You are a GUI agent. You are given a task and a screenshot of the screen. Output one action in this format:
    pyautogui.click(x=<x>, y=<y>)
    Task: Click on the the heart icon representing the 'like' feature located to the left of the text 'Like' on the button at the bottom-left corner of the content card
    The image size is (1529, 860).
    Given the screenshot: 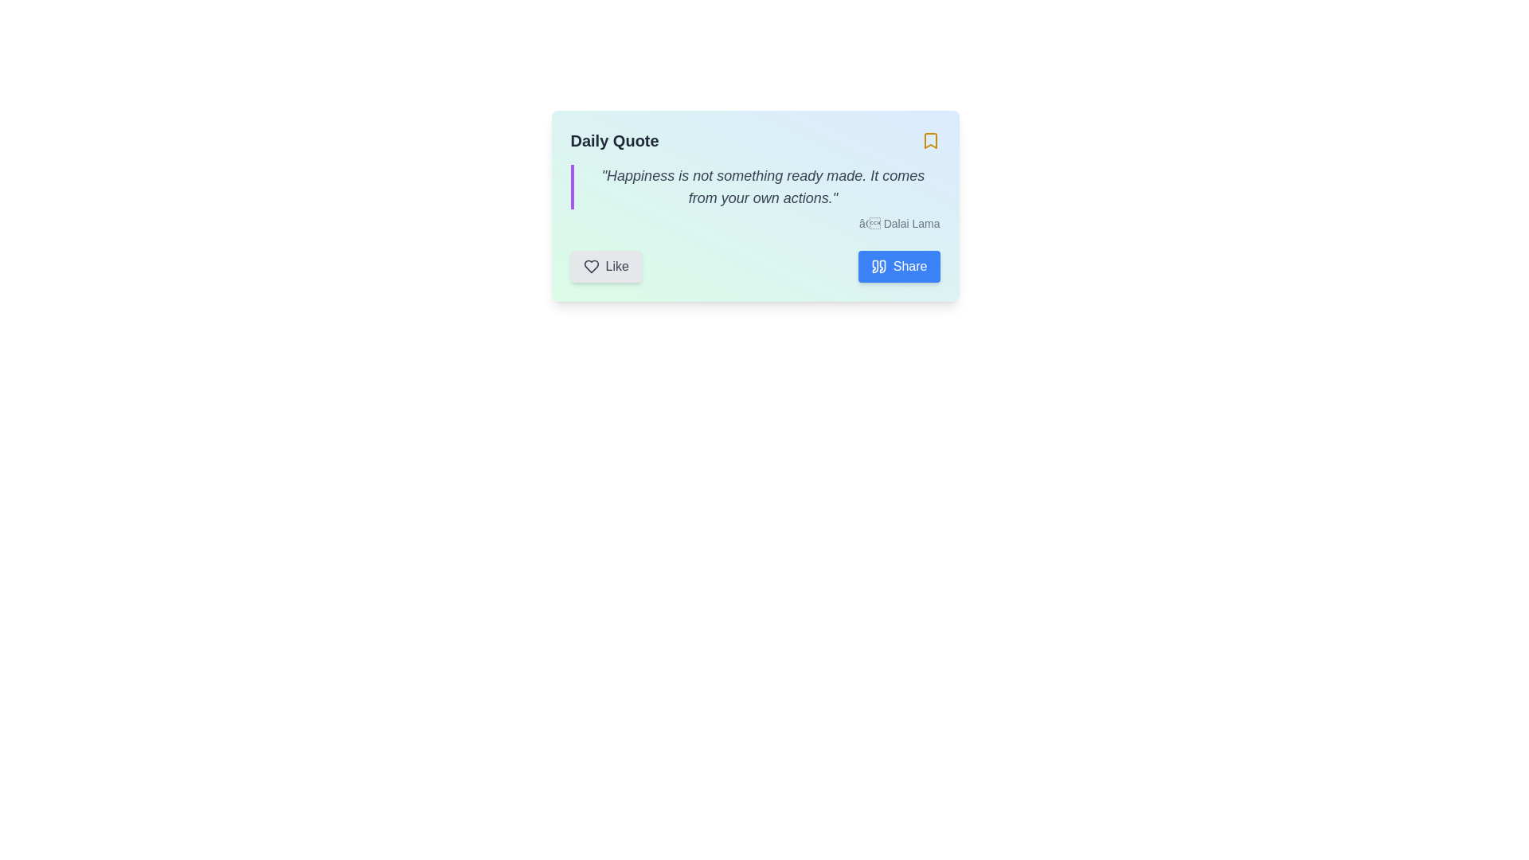 What is the action you would take?
    pyautogui.click(x=590, y=266)
    